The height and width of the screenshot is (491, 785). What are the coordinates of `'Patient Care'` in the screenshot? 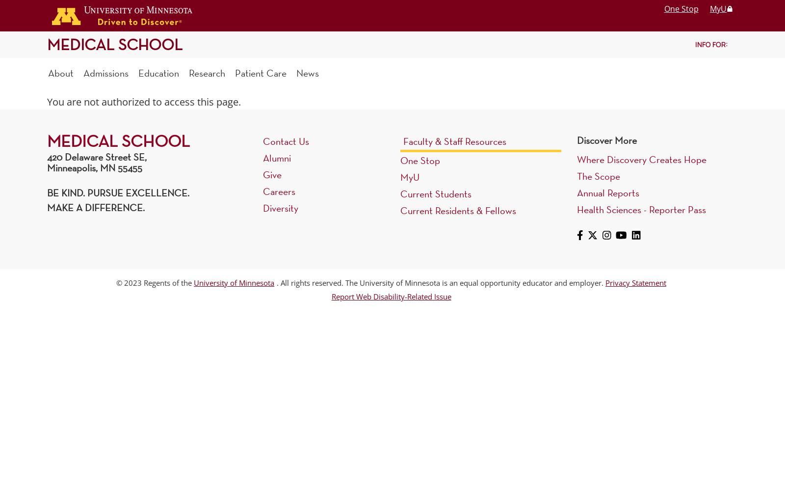 It's located at (260, 73).